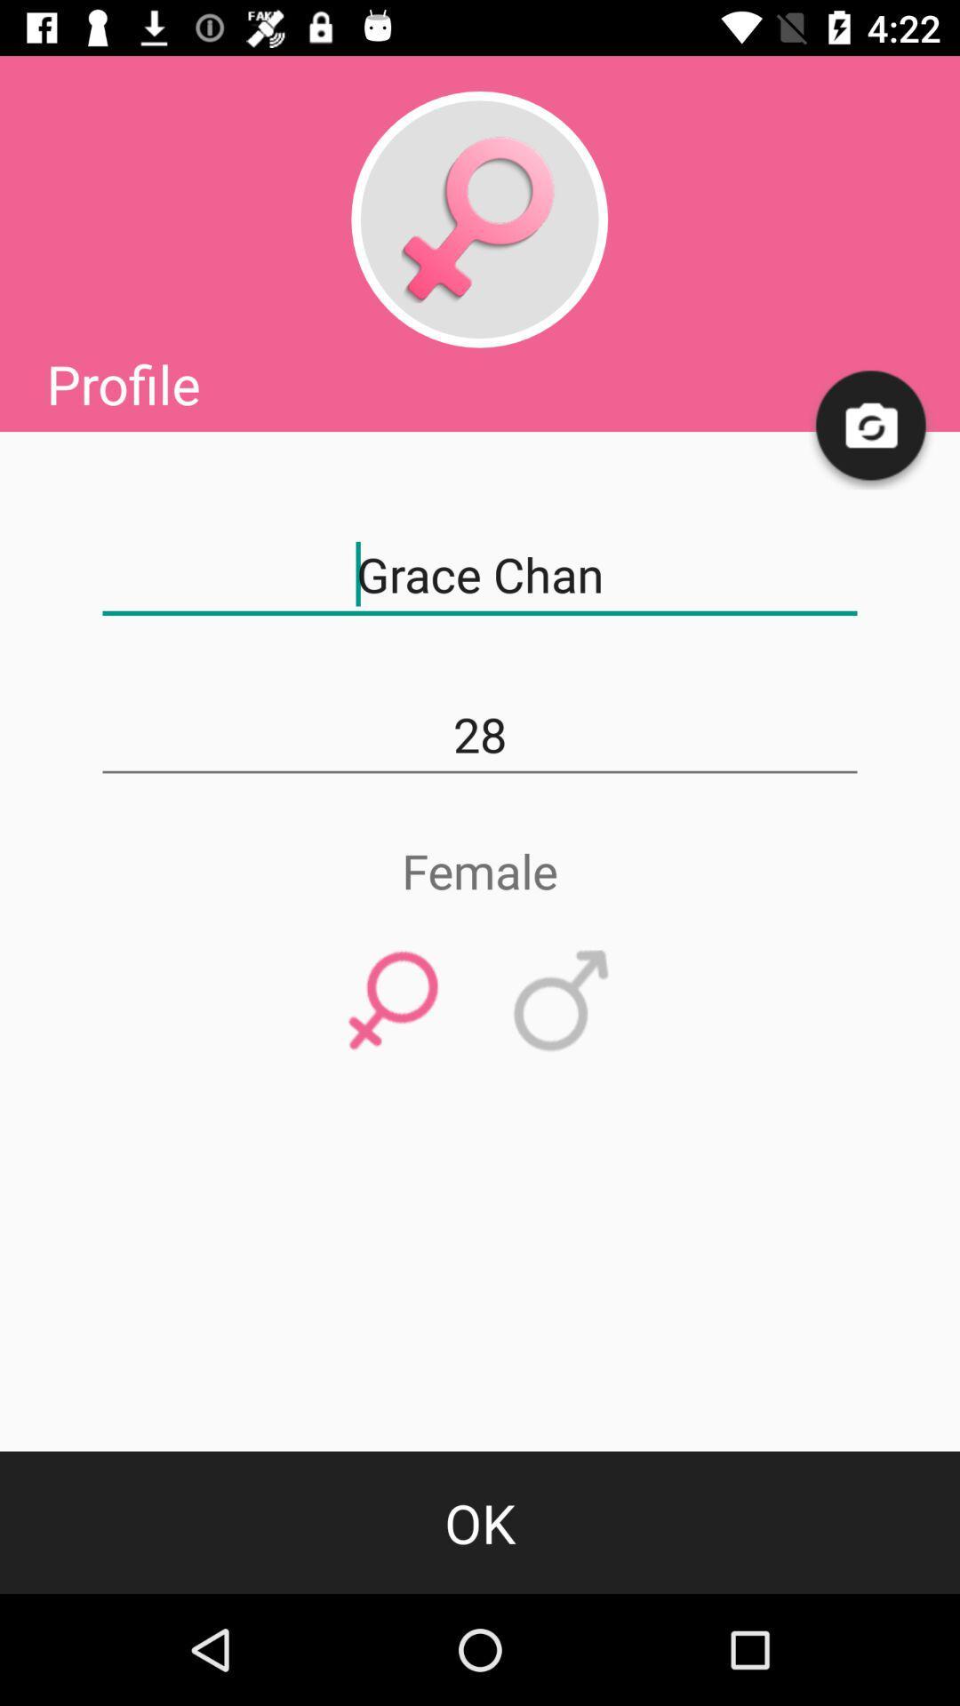 Image resolution: width=960 pixels, height=1706 pixels. What do you see at coordinates (871, 426) in the screenshot?
I see `the photo icon` at bounding box center [871, 426].